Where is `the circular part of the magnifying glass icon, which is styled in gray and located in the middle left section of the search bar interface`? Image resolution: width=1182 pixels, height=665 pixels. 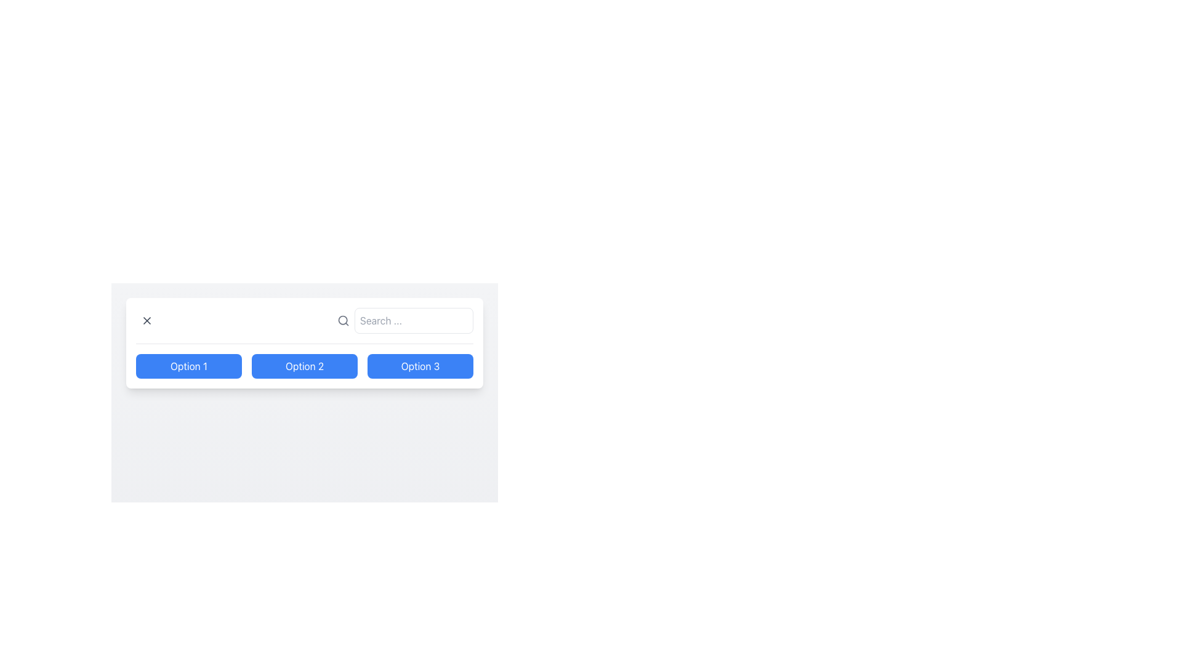
the circular part of the magnifying glass icon, which is styled in gray and located in the middle left section of the search bar interface is located at coordinates (343, 320).